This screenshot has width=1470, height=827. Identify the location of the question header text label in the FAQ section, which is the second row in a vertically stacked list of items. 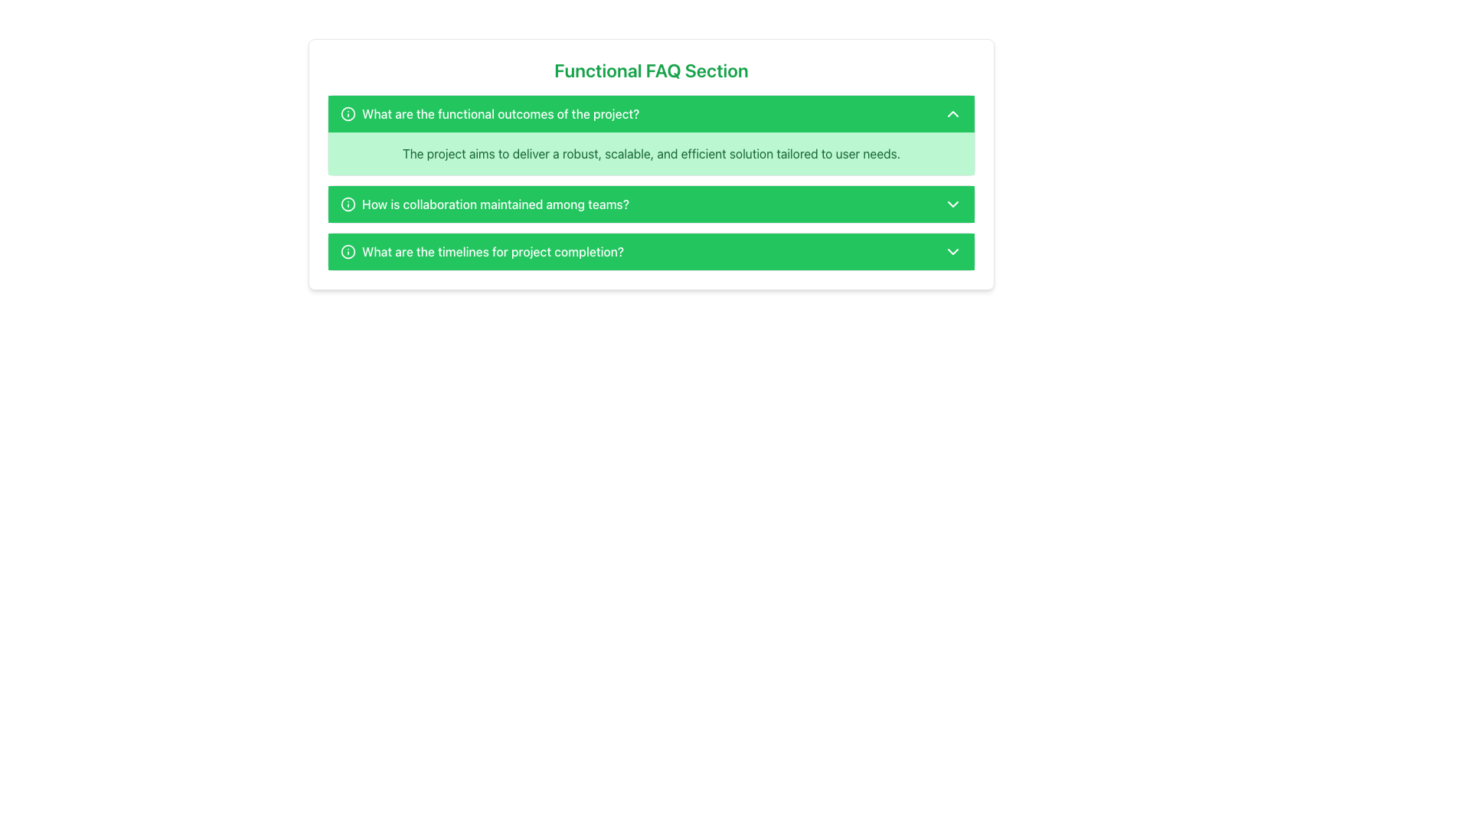
(484, 203).